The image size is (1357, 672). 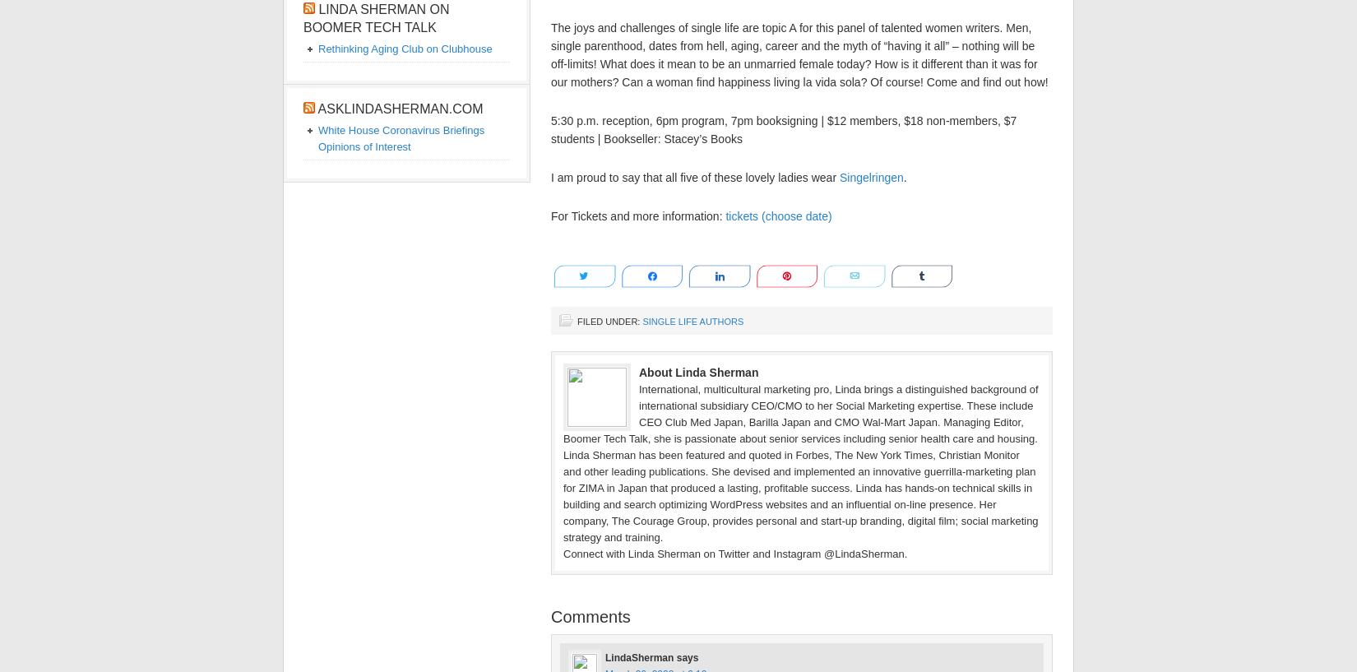 I want to click on 'Linda Sherman on Boomer Tech Talk', so click(x=303, y=17).